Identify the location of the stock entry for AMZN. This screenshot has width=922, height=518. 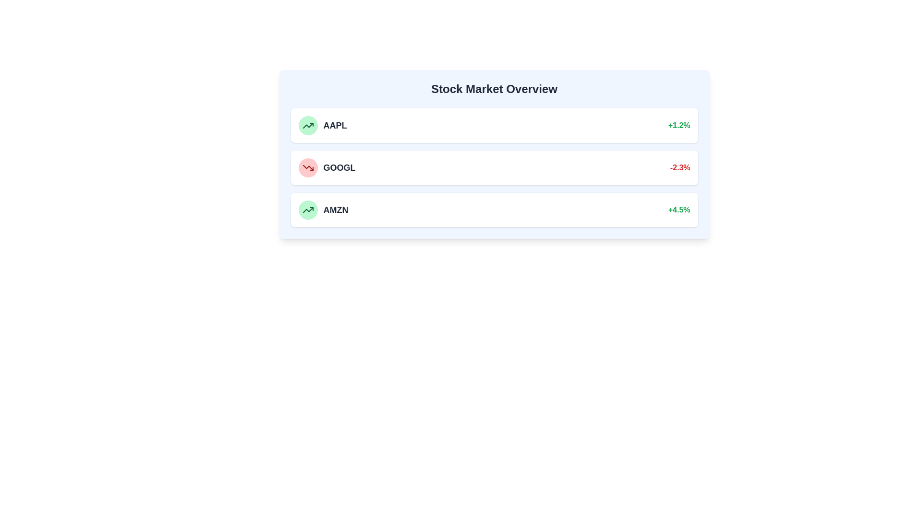
(494, 210).